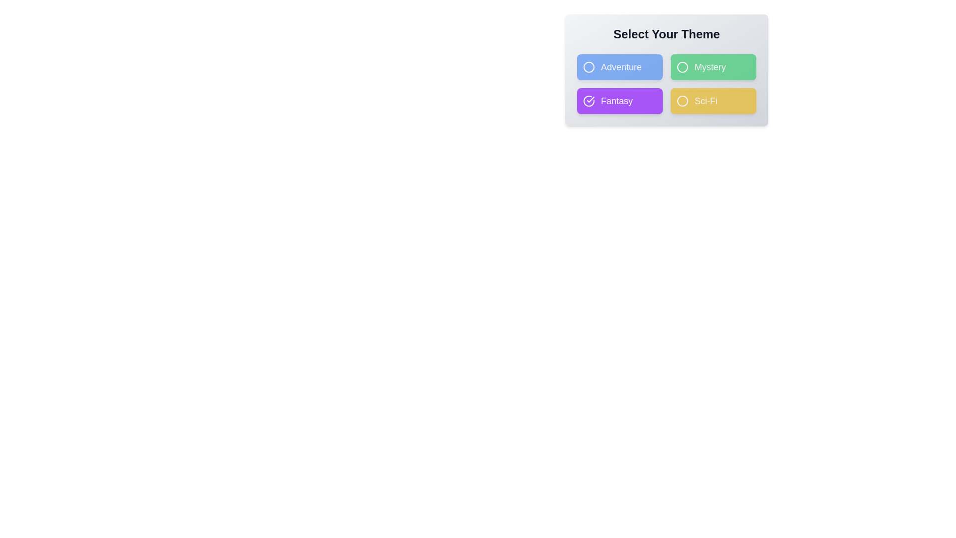  I want to click on the theme button corresponding to Mystery, so click(713, 67).